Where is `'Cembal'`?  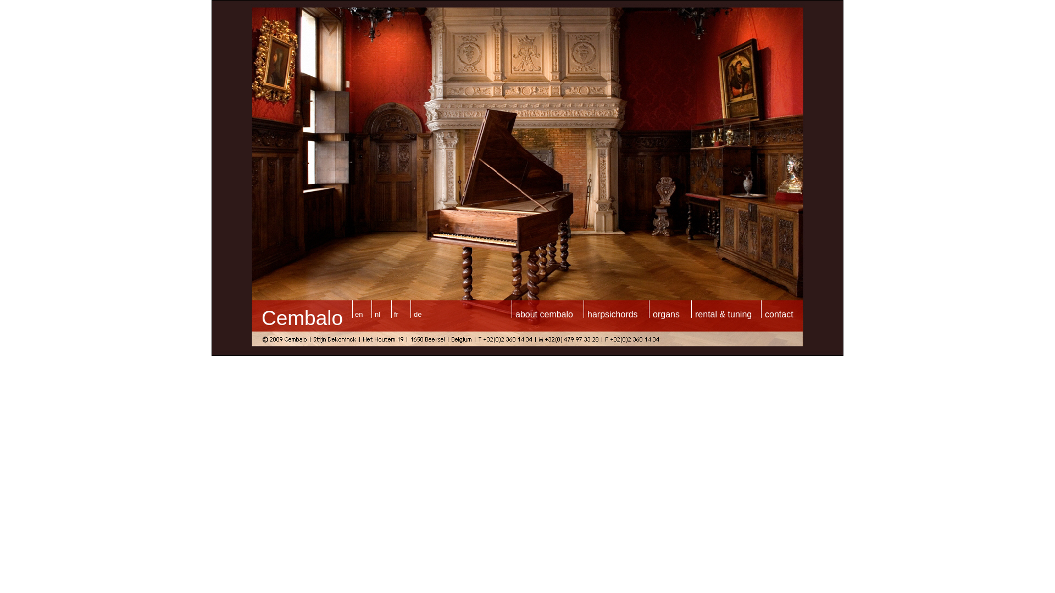
'Cembal' is located at coordinates (296, 318).